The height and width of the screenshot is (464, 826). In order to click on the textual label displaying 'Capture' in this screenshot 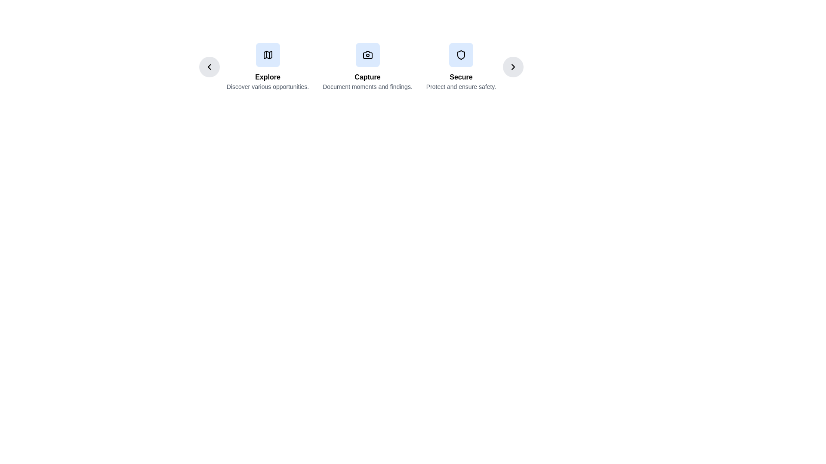, I will do `click(367, 77)`.